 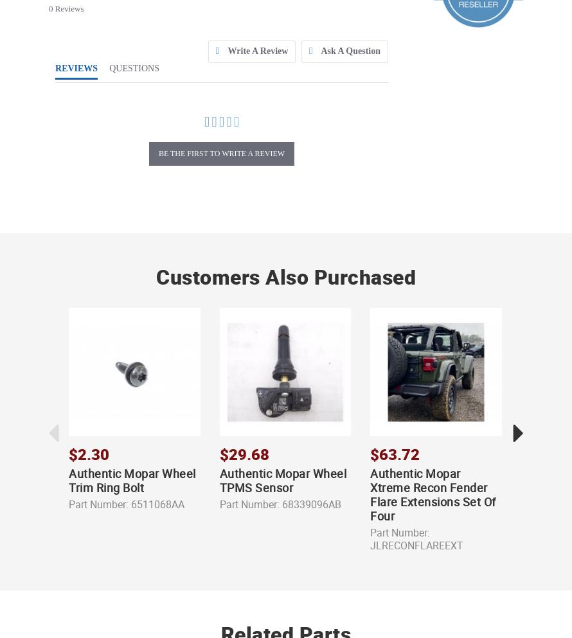 What do you see at coordinates (416, 563) in the screenshot?
I see `'120 Reviews'` at bounding box center [416, 563].